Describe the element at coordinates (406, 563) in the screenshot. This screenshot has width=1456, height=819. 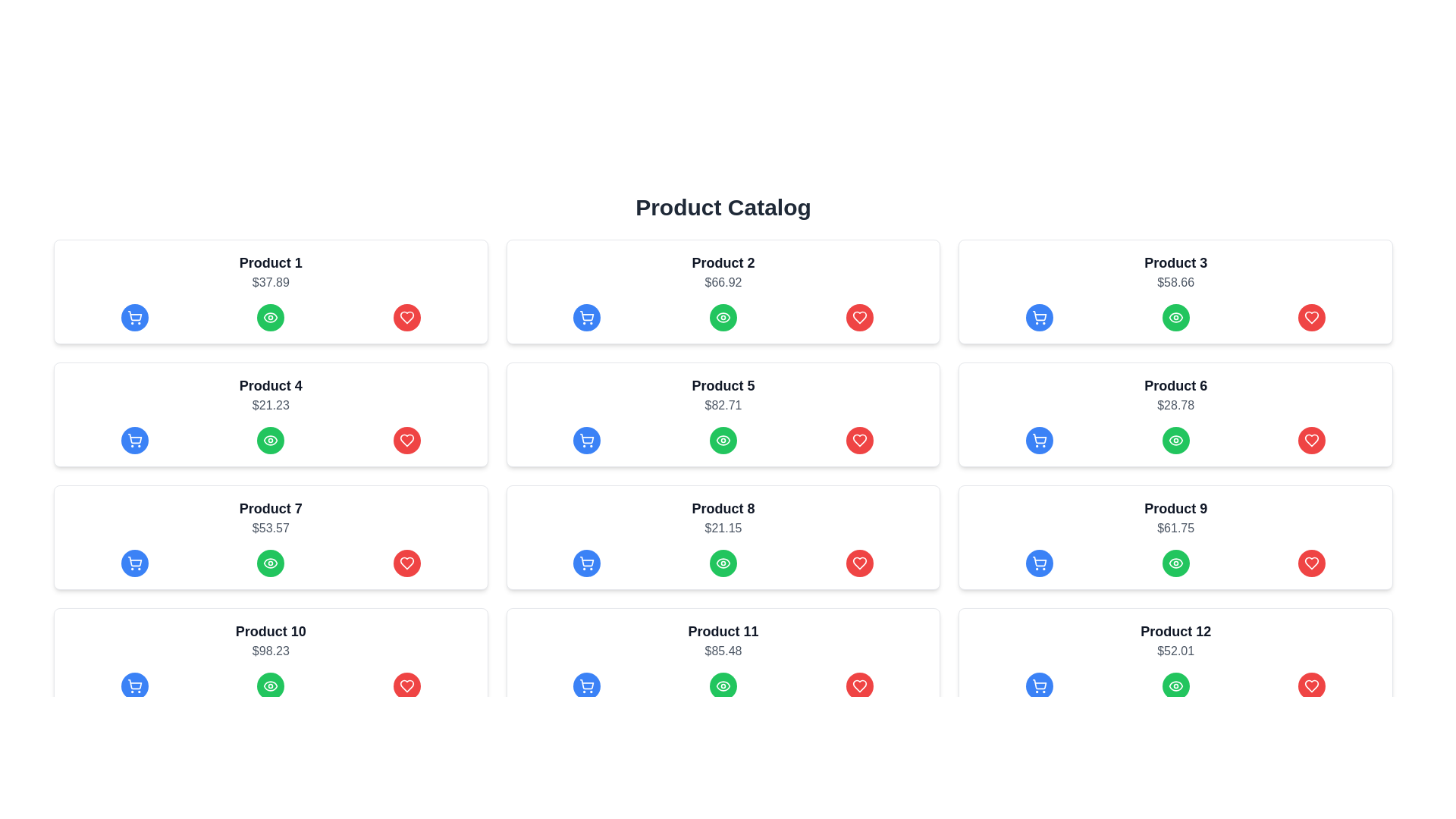
I see `the 'favorite' or 'like' button for 'Product 7'` at that location.